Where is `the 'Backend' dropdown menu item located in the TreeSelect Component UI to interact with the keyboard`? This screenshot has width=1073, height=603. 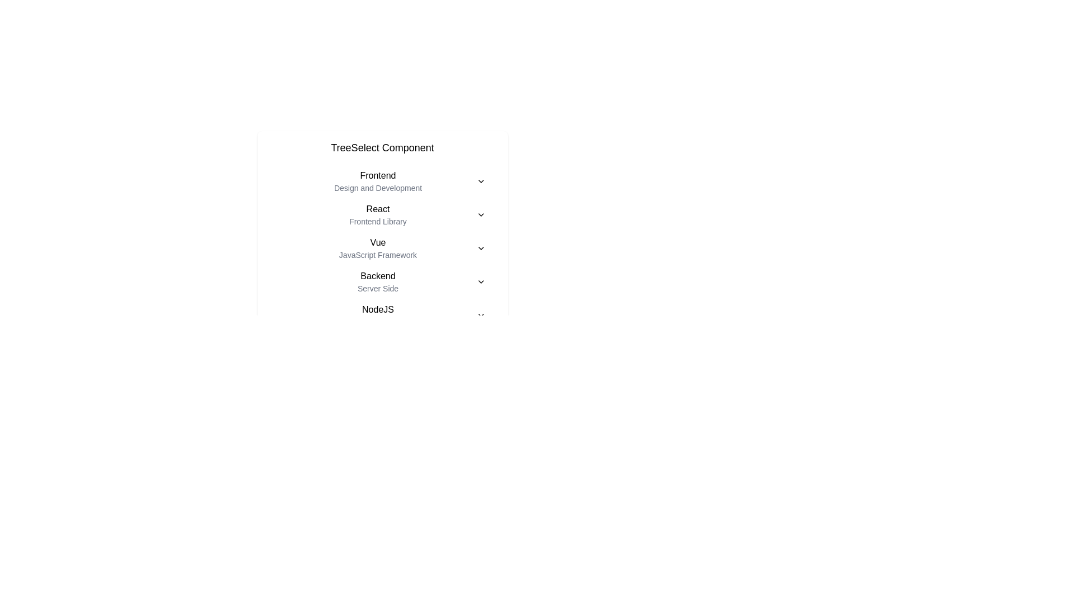
the 'Backend' dropdown menu item located in the TreeSelect Component UI to interact with the keyboard is located at coordinates (382, 281).